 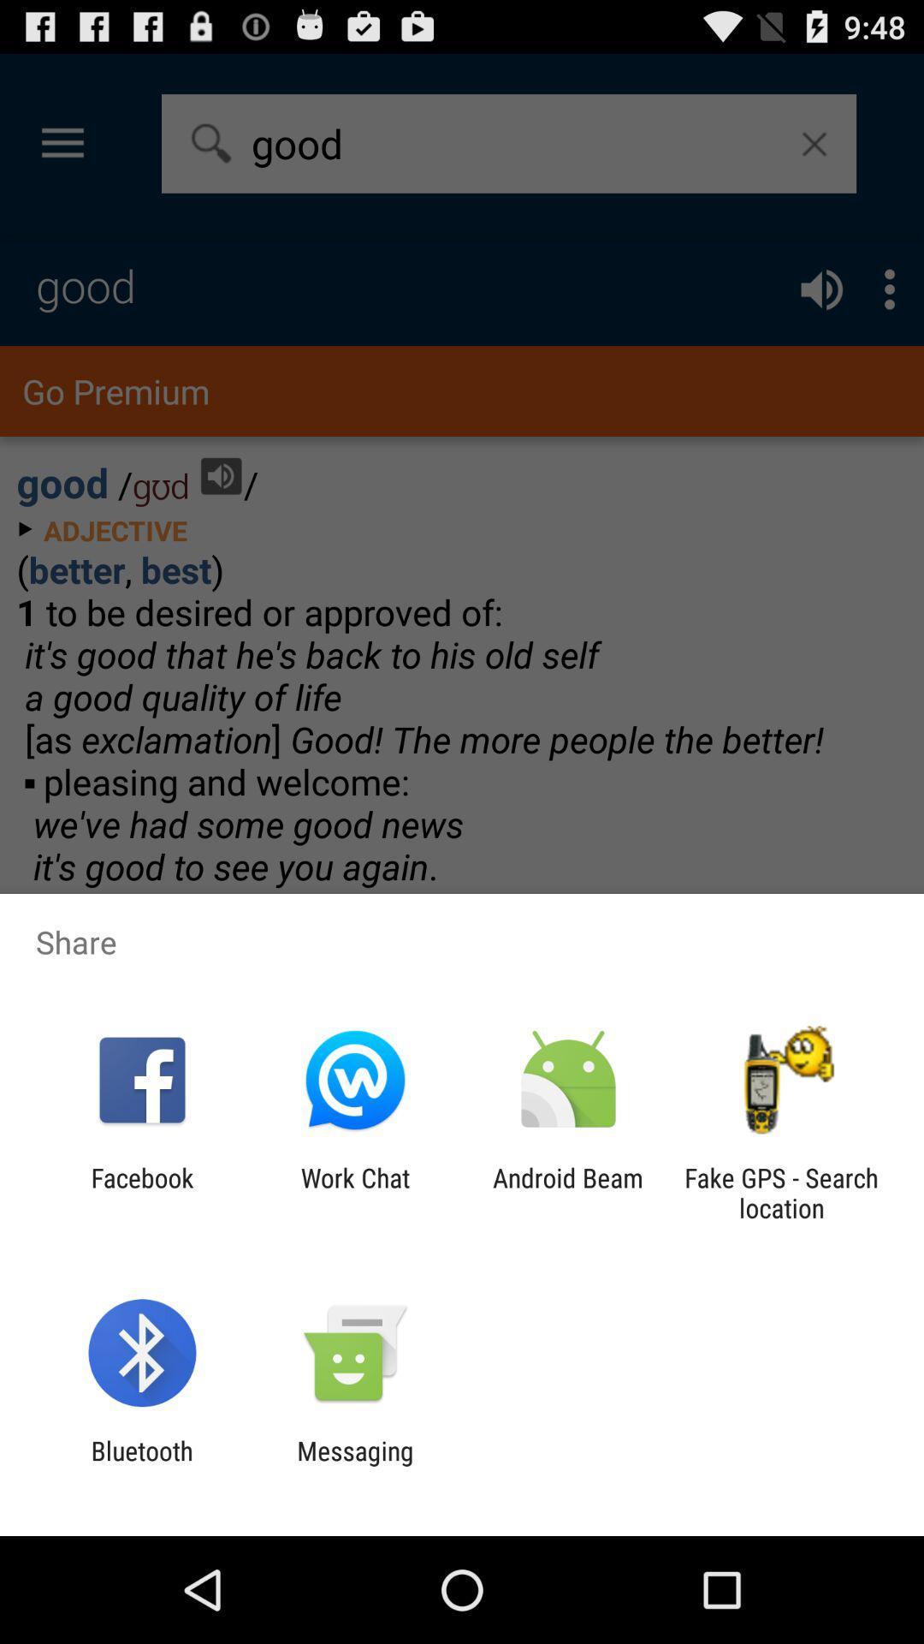 What do you see at coordinates (781, 1192) in the screenshot?
I see `icon next to the android beam app` at bounding box center [781, 1192].